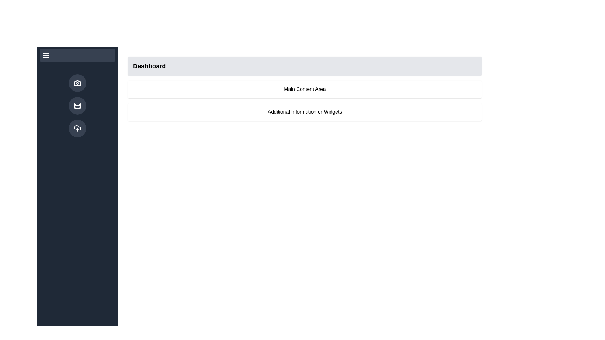  I want to click on the circular button containing the white filmstrip icon, so click(77, 105).